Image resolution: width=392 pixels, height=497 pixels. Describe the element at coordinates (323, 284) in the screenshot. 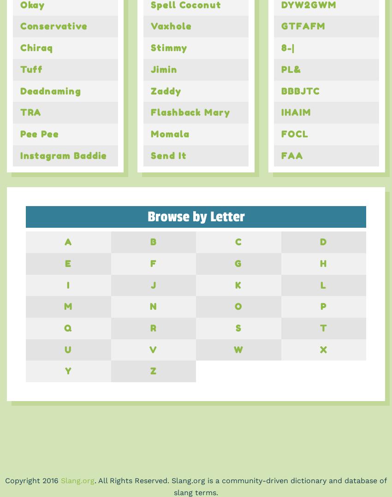

I see `'L'` at that location.